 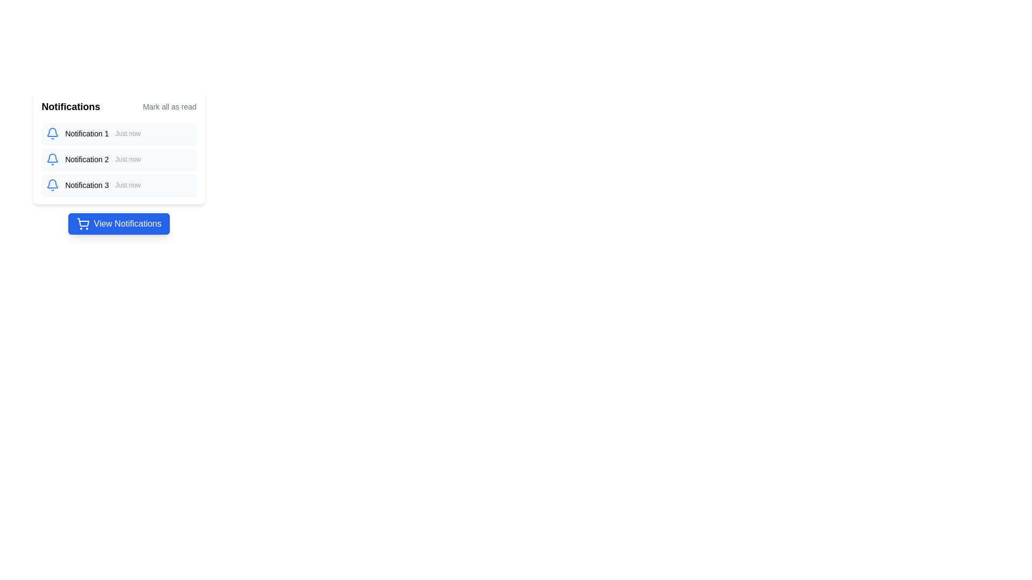 What do you see at coordinates (52, 158) in the screenshot?
I see `the blue bell icon in the second notification item adjacent to 'Notification 2'` at bounding box center [52, 158].